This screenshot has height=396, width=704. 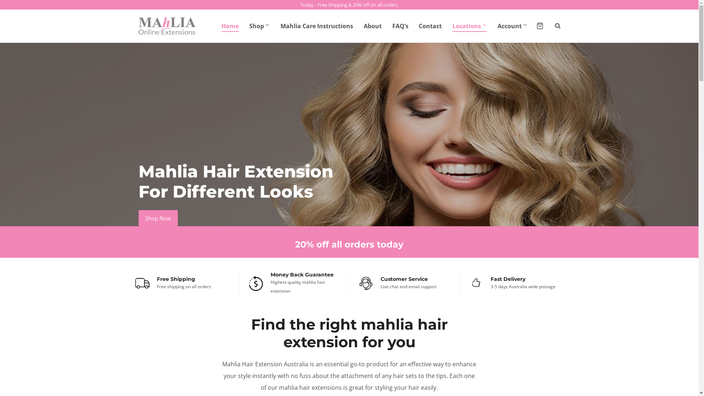 I want to click on 'Home', so click(x=216, y=25).